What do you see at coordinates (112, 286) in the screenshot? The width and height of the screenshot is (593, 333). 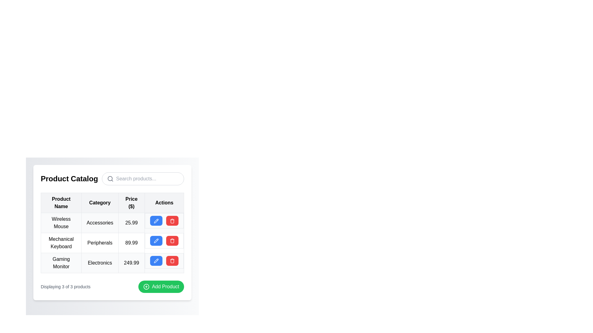 I see `the actionable button located in the informational section below the product listings in the 'Product Catalog' card` at bounding box center [112, 286].